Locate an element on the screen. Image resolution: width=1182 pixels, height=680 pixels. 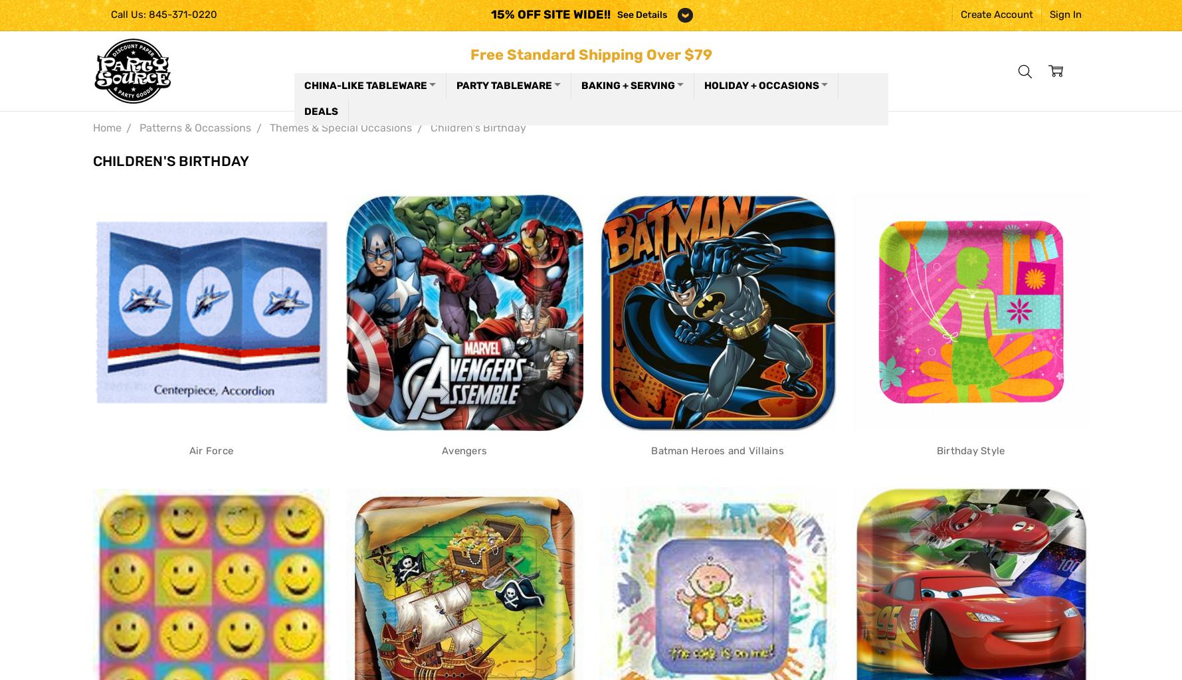
'See Details' is located at coordinates (615, 14).